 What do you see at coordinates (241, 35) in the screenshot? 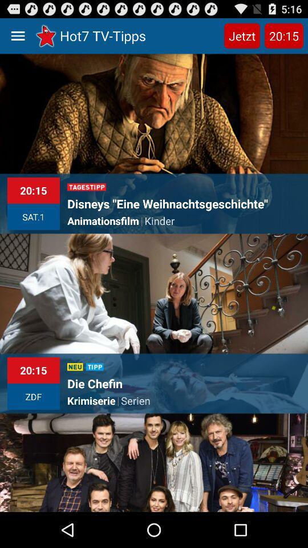
I see `the button to the left of the 20:15 item` at bounding box center [241, 35].